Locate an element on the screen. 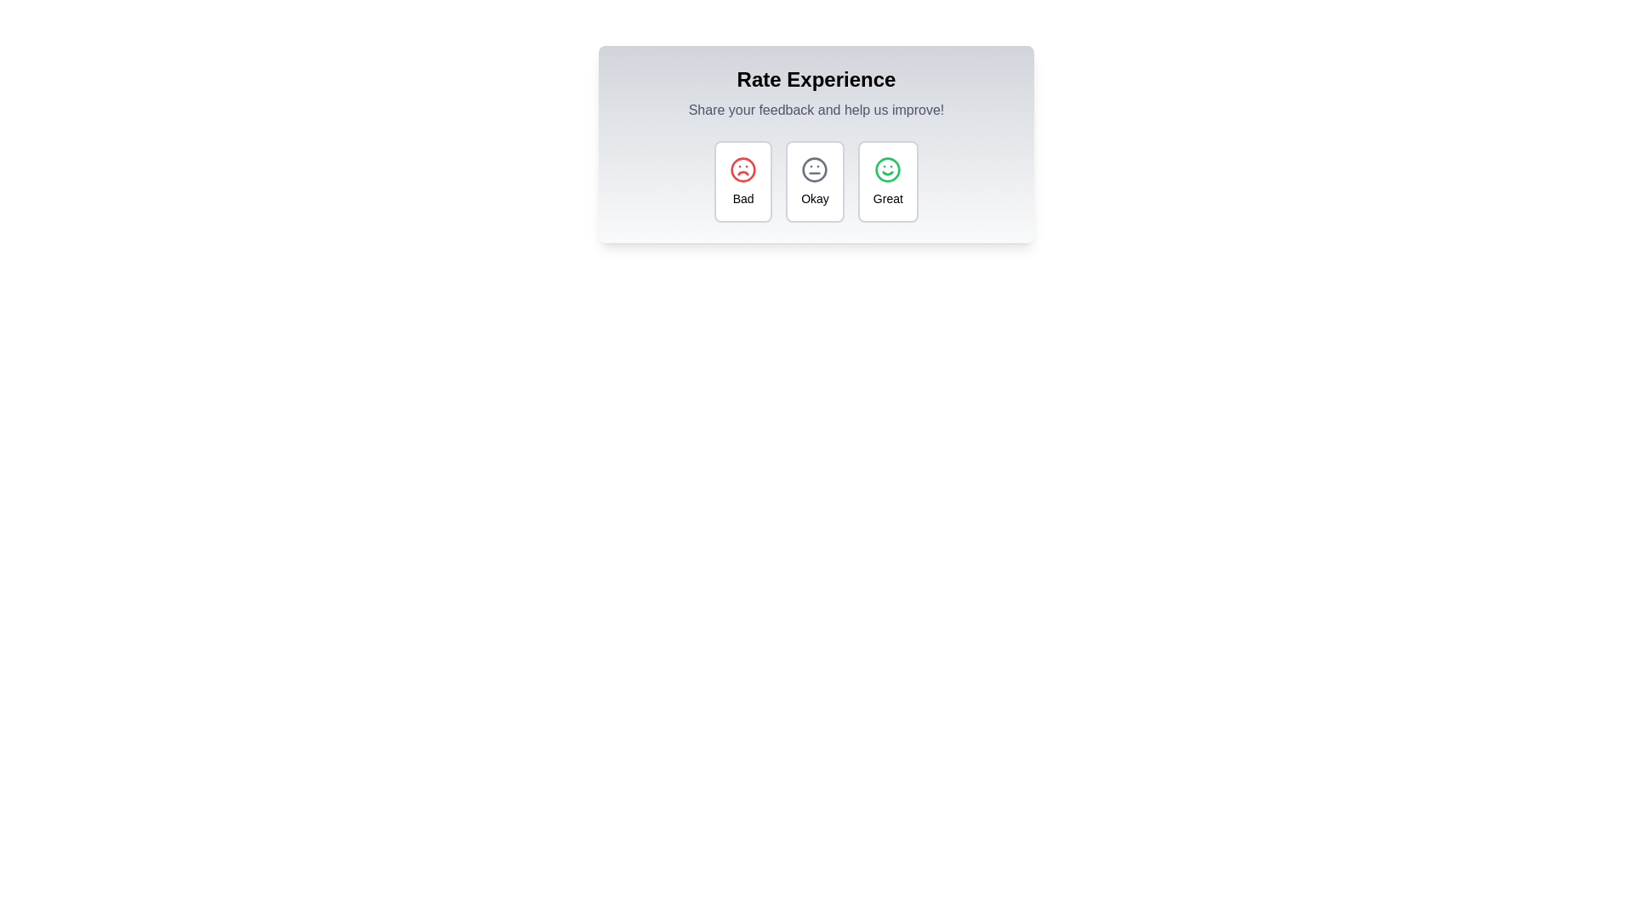 Image resolution: width=1633 pixels, height=918 pixels. the 'Okay' feedback icon, which is centered above the text label 'Okay' in the middle button of the feedback options is located at coordinates (814, 170).